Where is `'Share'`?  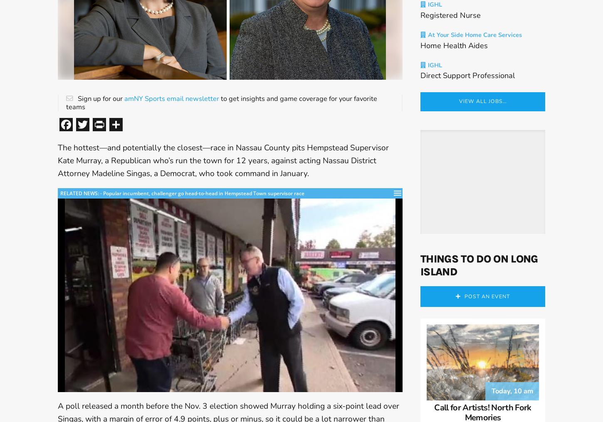 'Share' is located at coordinates (140, 124).